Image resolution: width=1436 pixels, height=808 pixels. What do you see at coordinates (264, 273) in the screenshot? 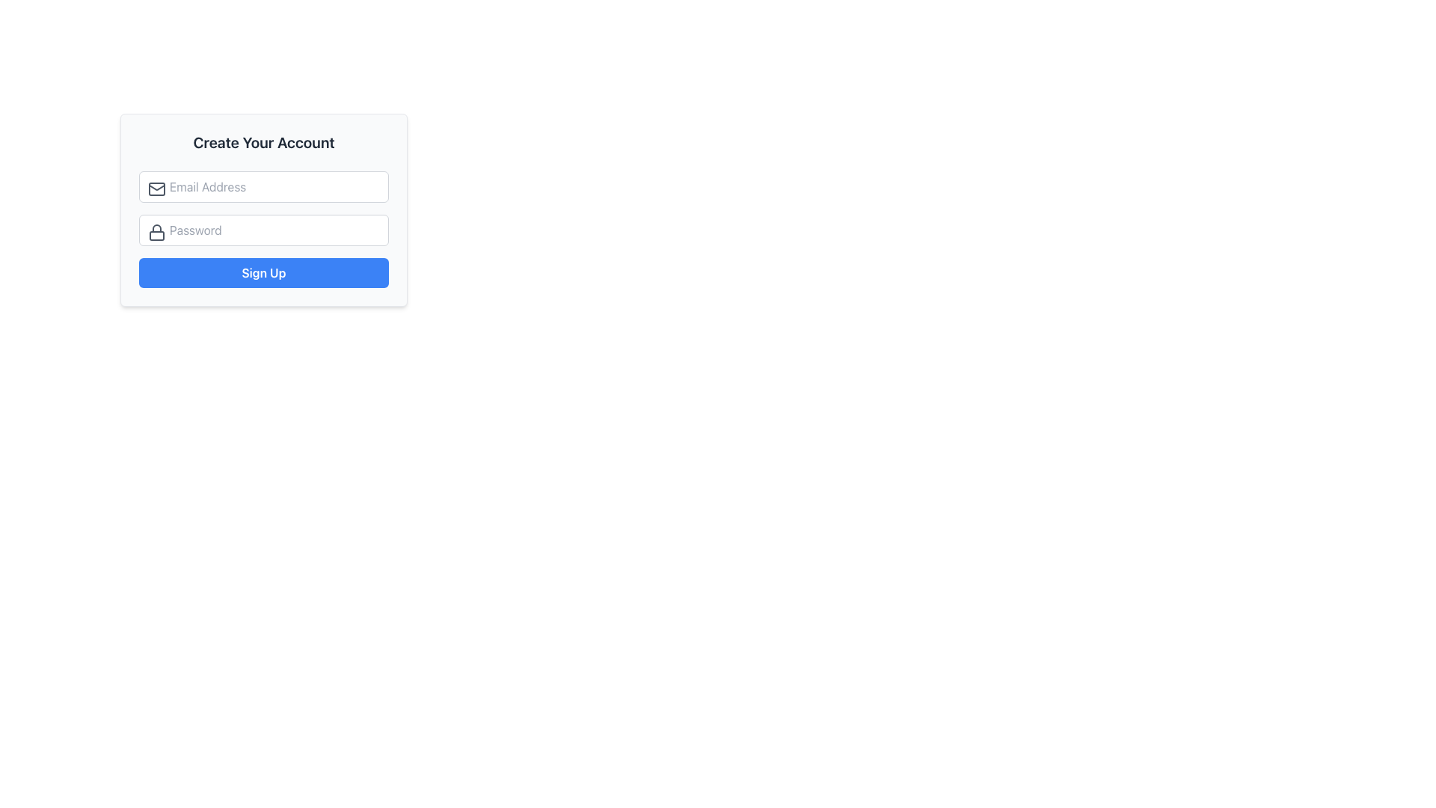
I see `the 'Sign Up' button with a blue background located at the bottom of the 'Create Your Account' form` at bounding box center [264, 273].